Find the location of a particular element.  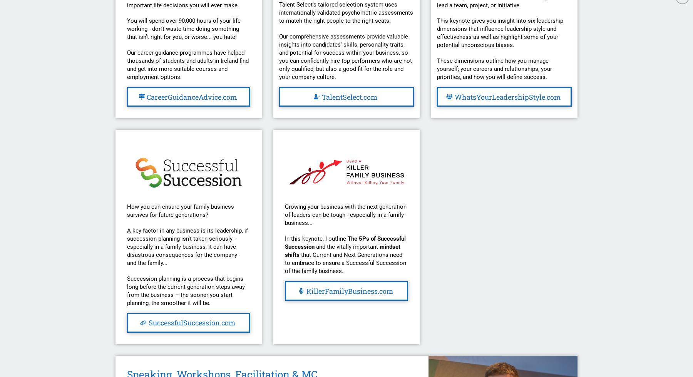

'The 5Ps of Successful Succession' is located at coordinates (284, 242).